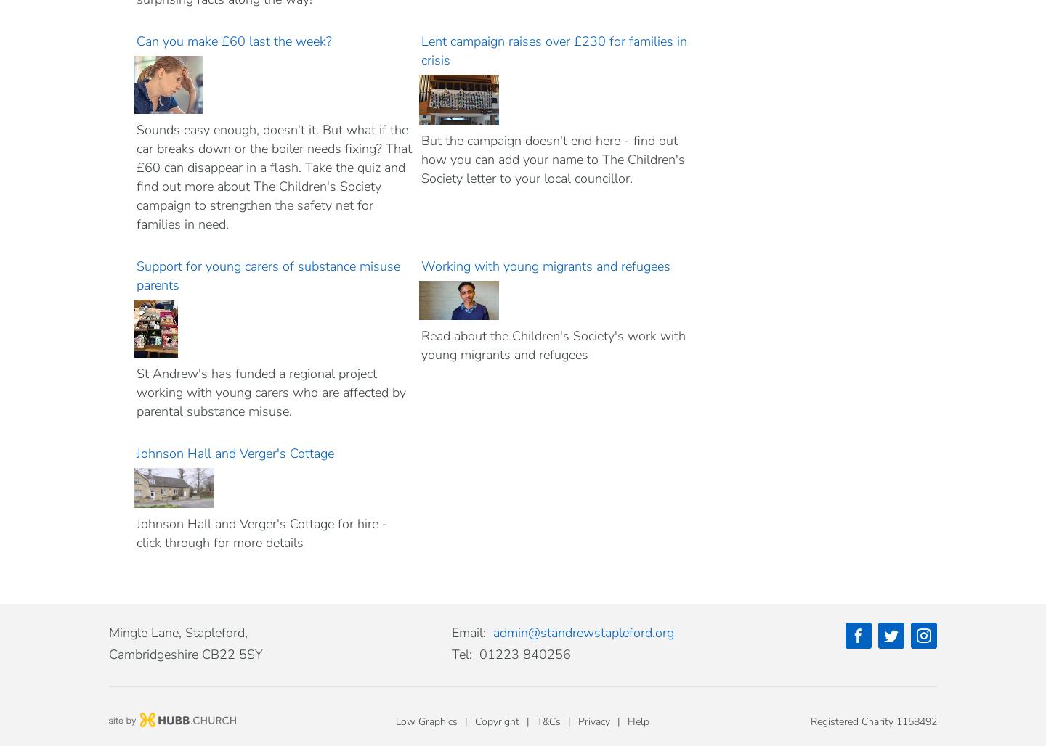 The height and width of the screenshot is (746, 1046). I want to click on 'T&Cs', so click(548, 721).